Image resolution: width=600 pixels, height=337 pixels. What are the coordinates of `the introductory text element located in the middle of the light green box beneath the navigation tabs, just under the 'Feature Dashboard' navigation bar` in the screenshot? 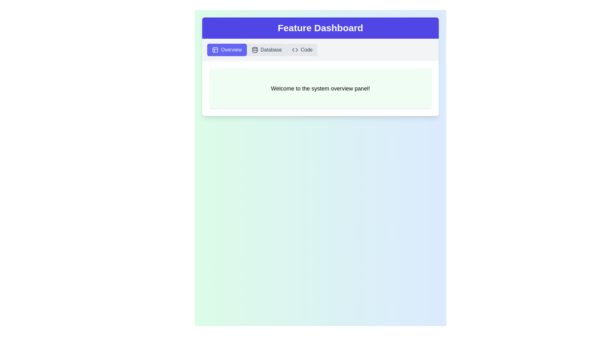 It's located at (320, 89).